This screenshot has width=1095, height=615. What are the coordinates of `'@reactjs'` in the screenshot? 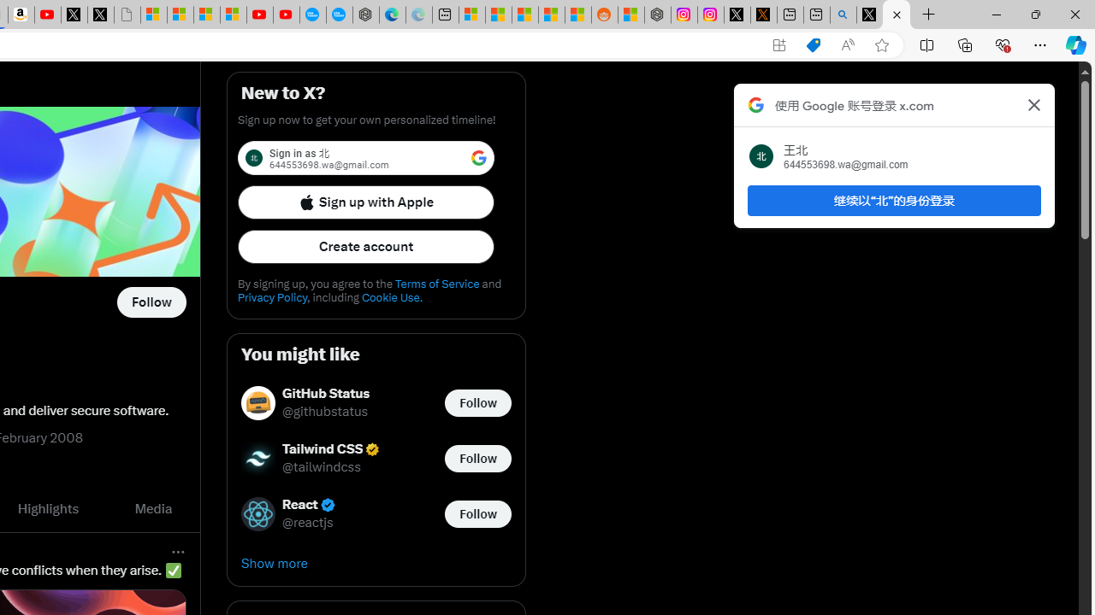 It's located at (308, 522).